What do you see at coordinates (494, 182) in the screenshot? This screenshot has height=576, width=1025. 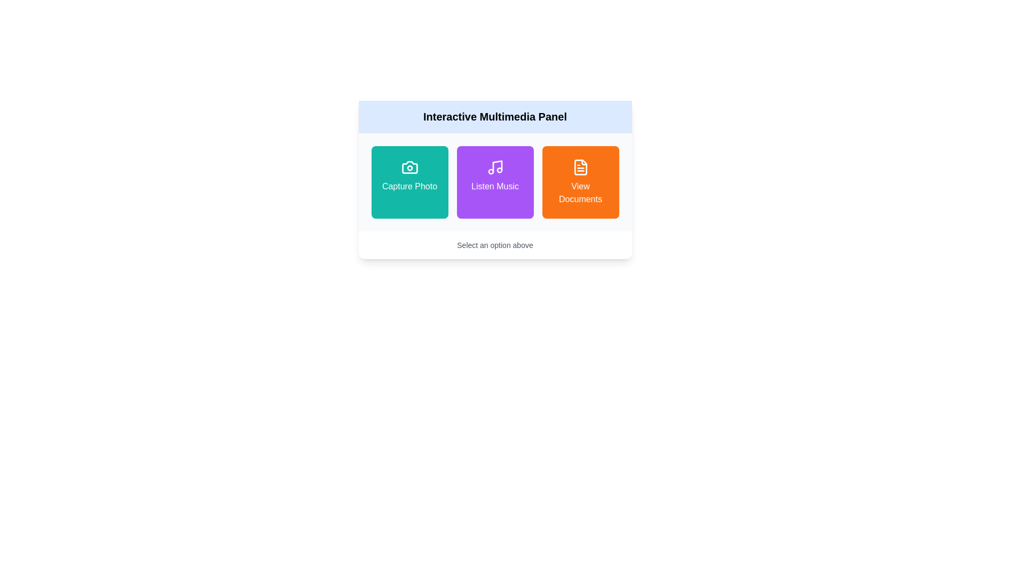 I see `the second button labeled 'Listen Music', which is purple with a music note icon, to observe the hover effects` at bounding box center [494, 182].